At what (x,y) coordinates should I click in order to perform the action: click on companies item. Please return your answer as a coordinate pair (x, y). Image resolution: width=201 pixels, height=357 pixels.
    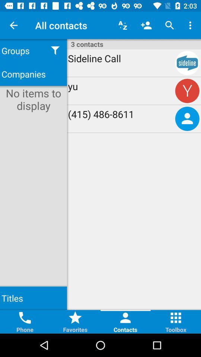
    Looking at the image, I should click on (33, 74).